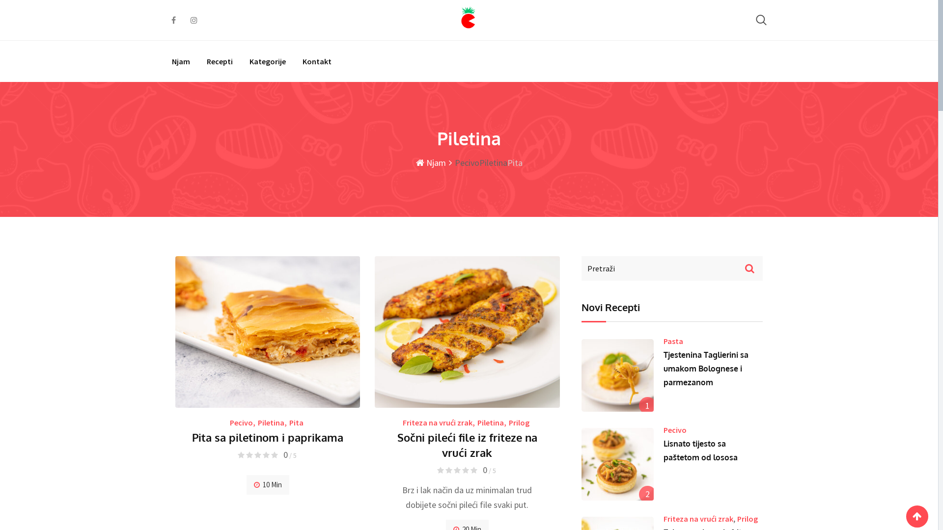 The height and width of the screenshot is (530, 943). What do you see at coordinates (241, 422) in the screenshot?
I see `'Pecivo'` at bounding box center [241, 422].